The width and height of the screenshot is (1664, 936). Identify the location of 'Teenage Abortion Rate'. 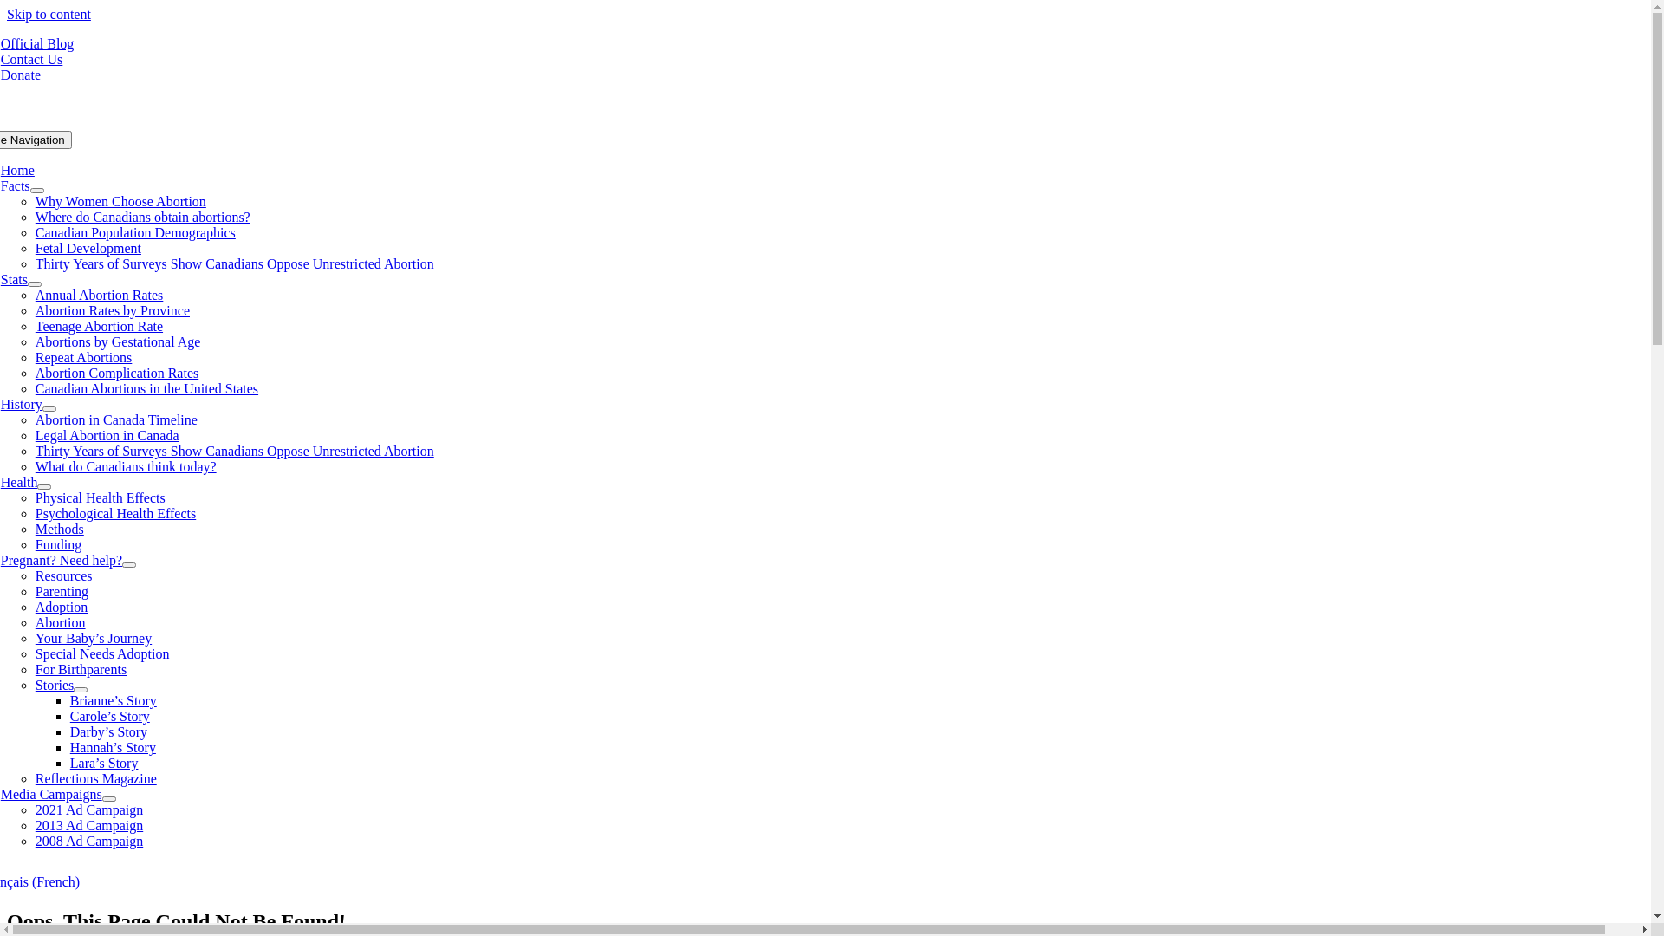
(36, 326).